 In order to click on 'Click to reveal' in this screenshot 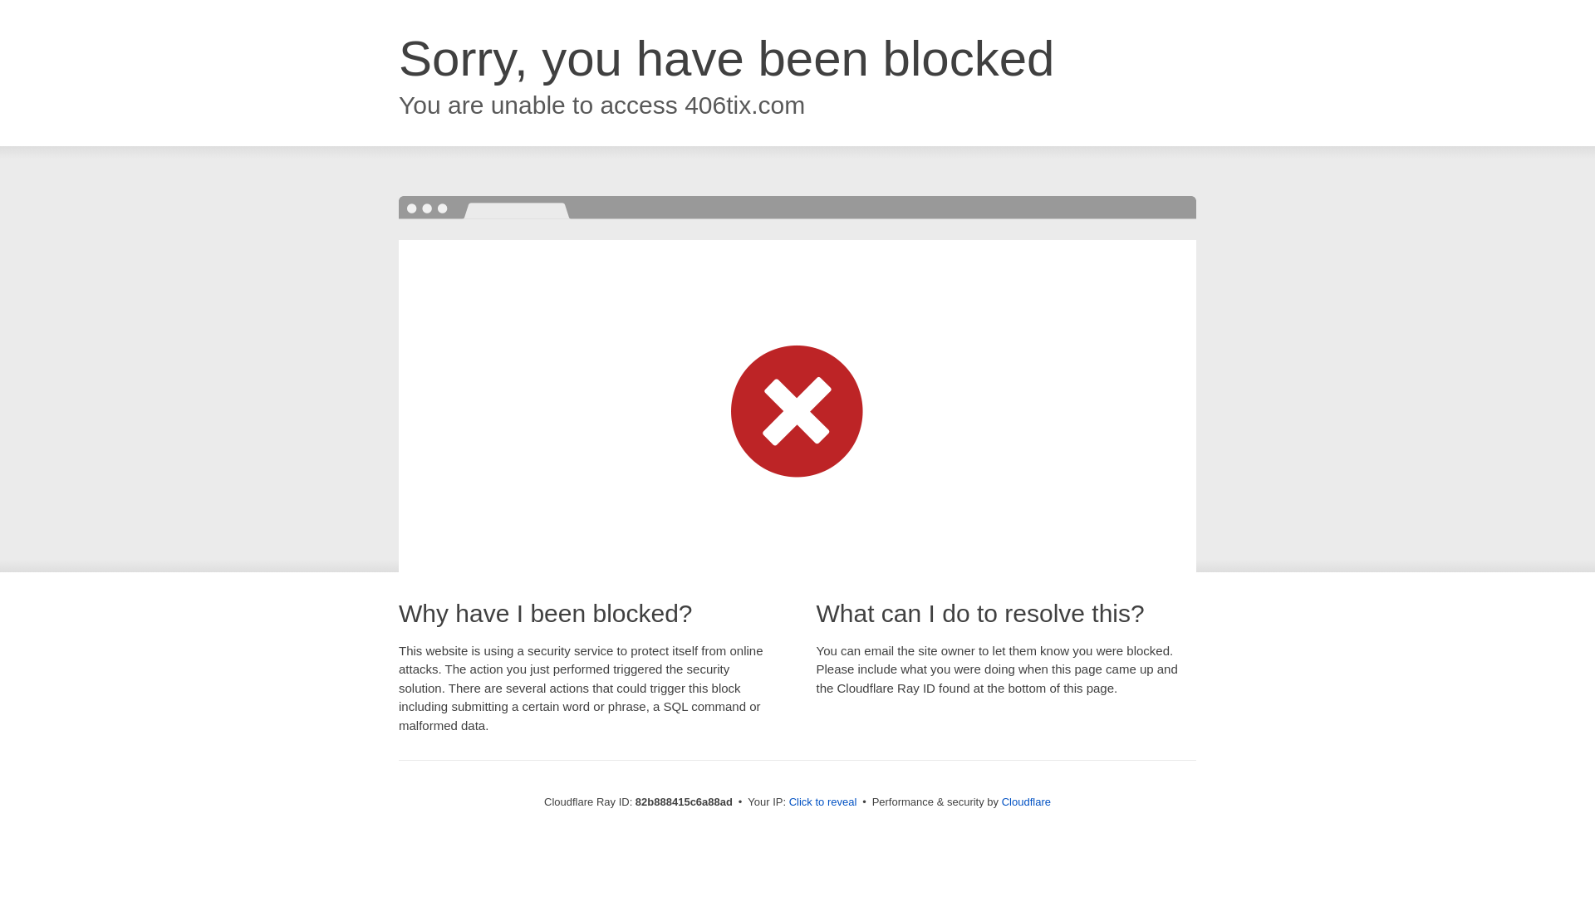, I will do `click(788, 801)`.